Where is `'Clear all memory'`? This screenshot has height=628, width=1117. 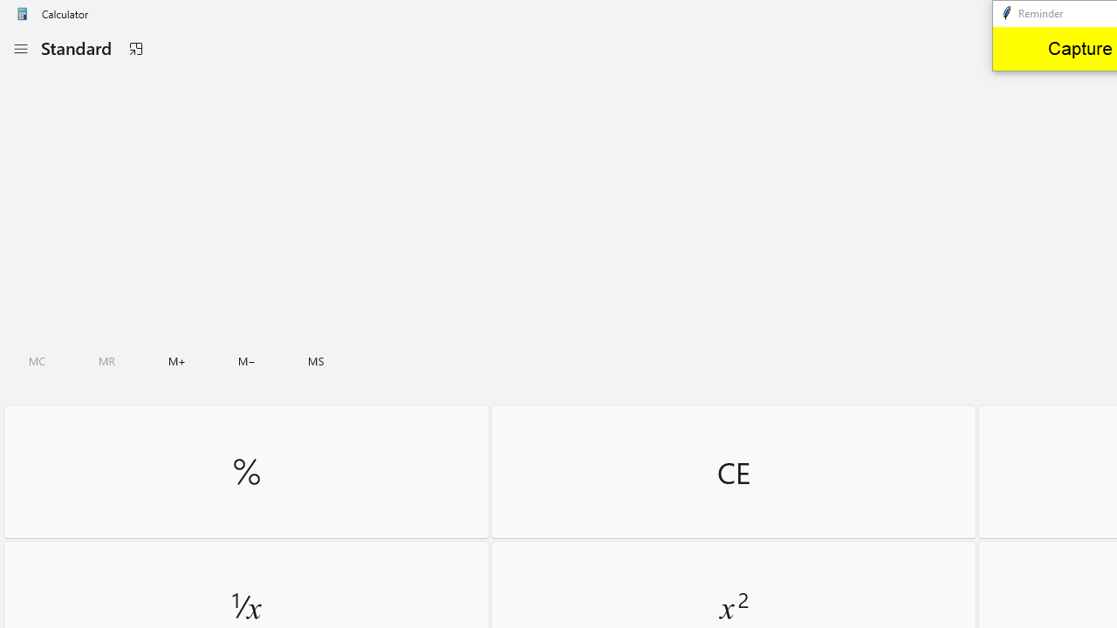 'Clear all memory' is located at coordinates (37, 360).